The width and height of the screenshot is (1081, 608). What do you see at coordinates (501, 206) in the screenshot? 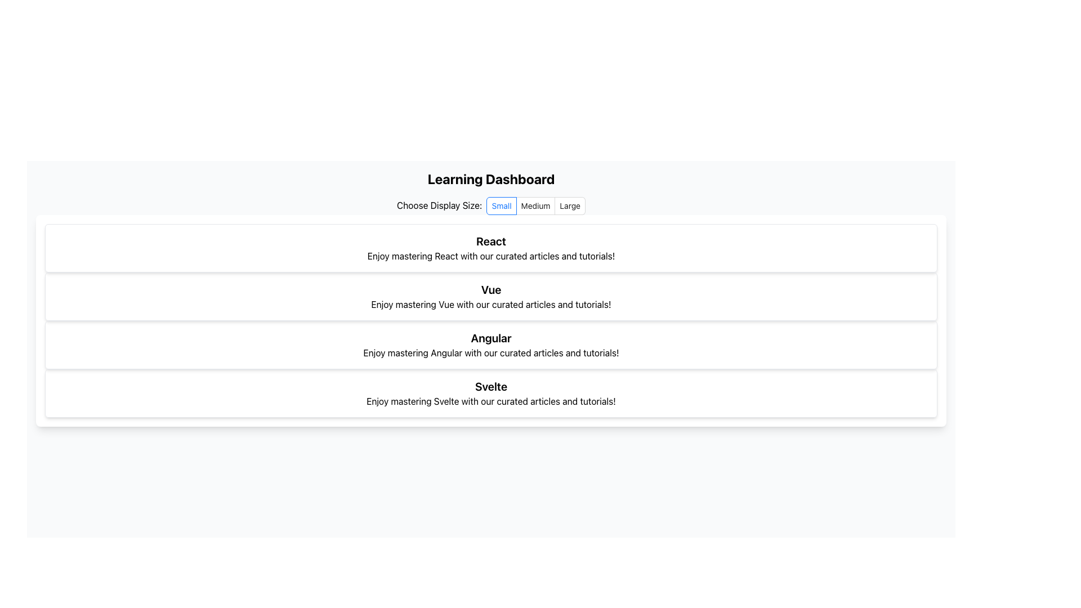
I see `the 'Small' display size radio button` at bounding box center [501, 206].